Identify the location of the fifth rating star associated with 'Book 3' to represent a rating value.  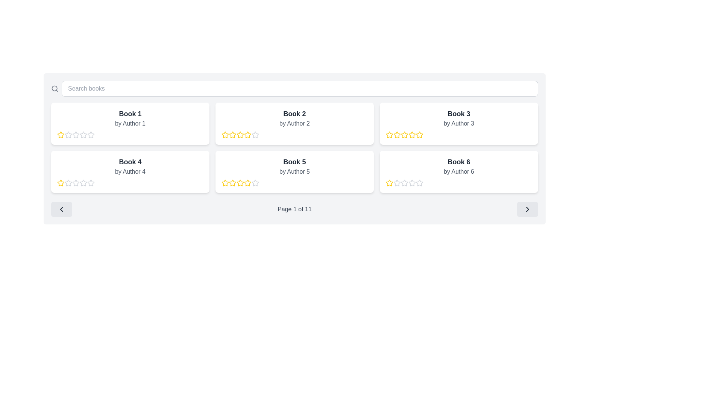
(419, 134).